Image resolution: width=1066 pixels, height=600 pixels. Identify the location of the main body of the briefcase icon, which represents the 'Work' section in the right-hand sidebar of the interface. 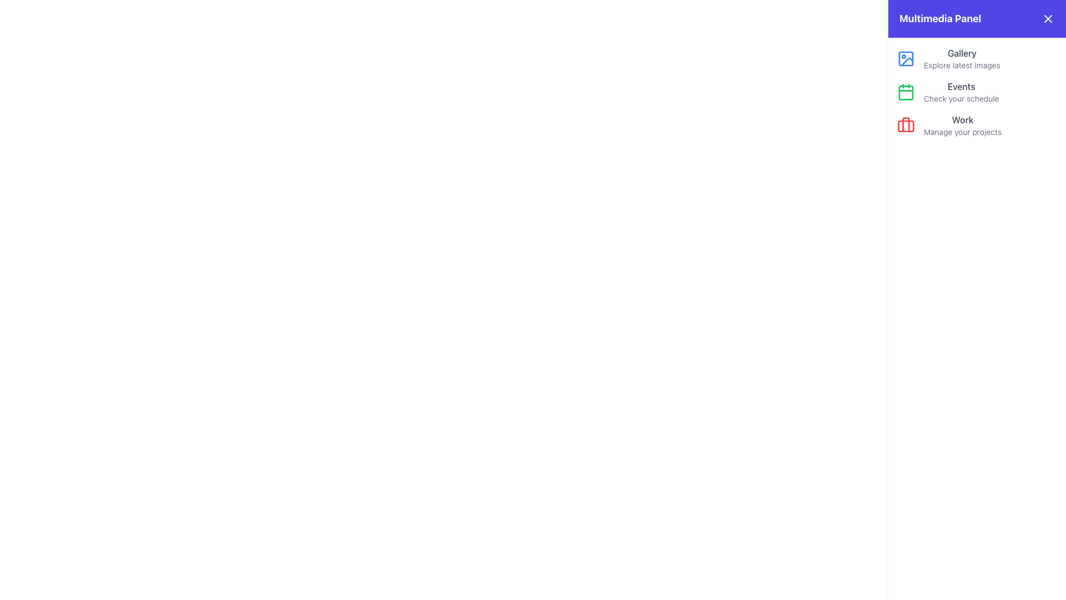
(906, 126).